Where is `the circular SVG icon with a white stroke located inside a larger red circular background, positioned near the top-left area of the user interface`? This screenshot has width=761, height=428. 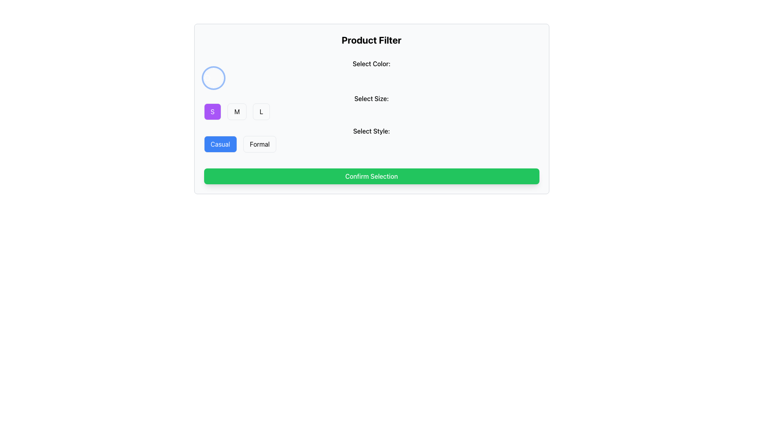 the circular SVG icon with a white stroke located inside a larger red circular background, positioned near the top-left area of the user interface is located at coordinates (207, 78).